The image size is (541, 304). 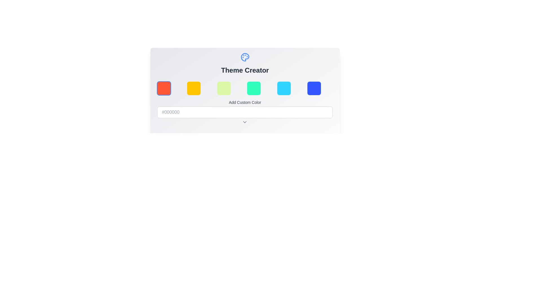 What do you see at coordinates (314, 88) in the screenshot?
I see `the blue color selection button in the theme creation interface to apply or preview the blue color` at bounding box center [314, 88].